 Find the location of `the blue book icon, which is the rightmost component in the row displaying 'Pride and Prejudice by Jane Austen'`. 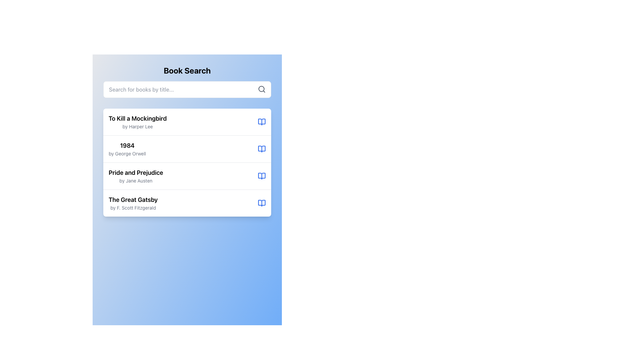

the blue book icon, which is the rightmost component in the row displaying 'Pride and Prejudice by Jane Austen' is located at coordinates (261, 176).